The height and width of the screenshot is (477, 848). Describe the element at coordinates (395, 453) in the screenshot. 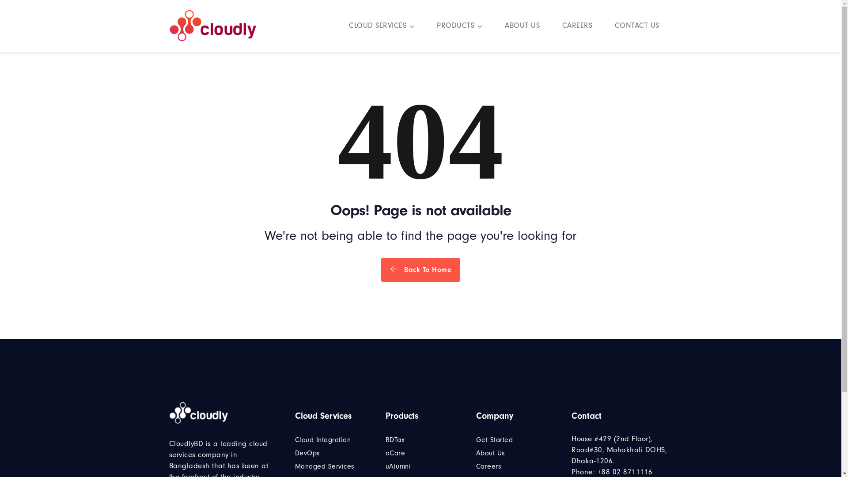

I see `'oCare'` at that location.